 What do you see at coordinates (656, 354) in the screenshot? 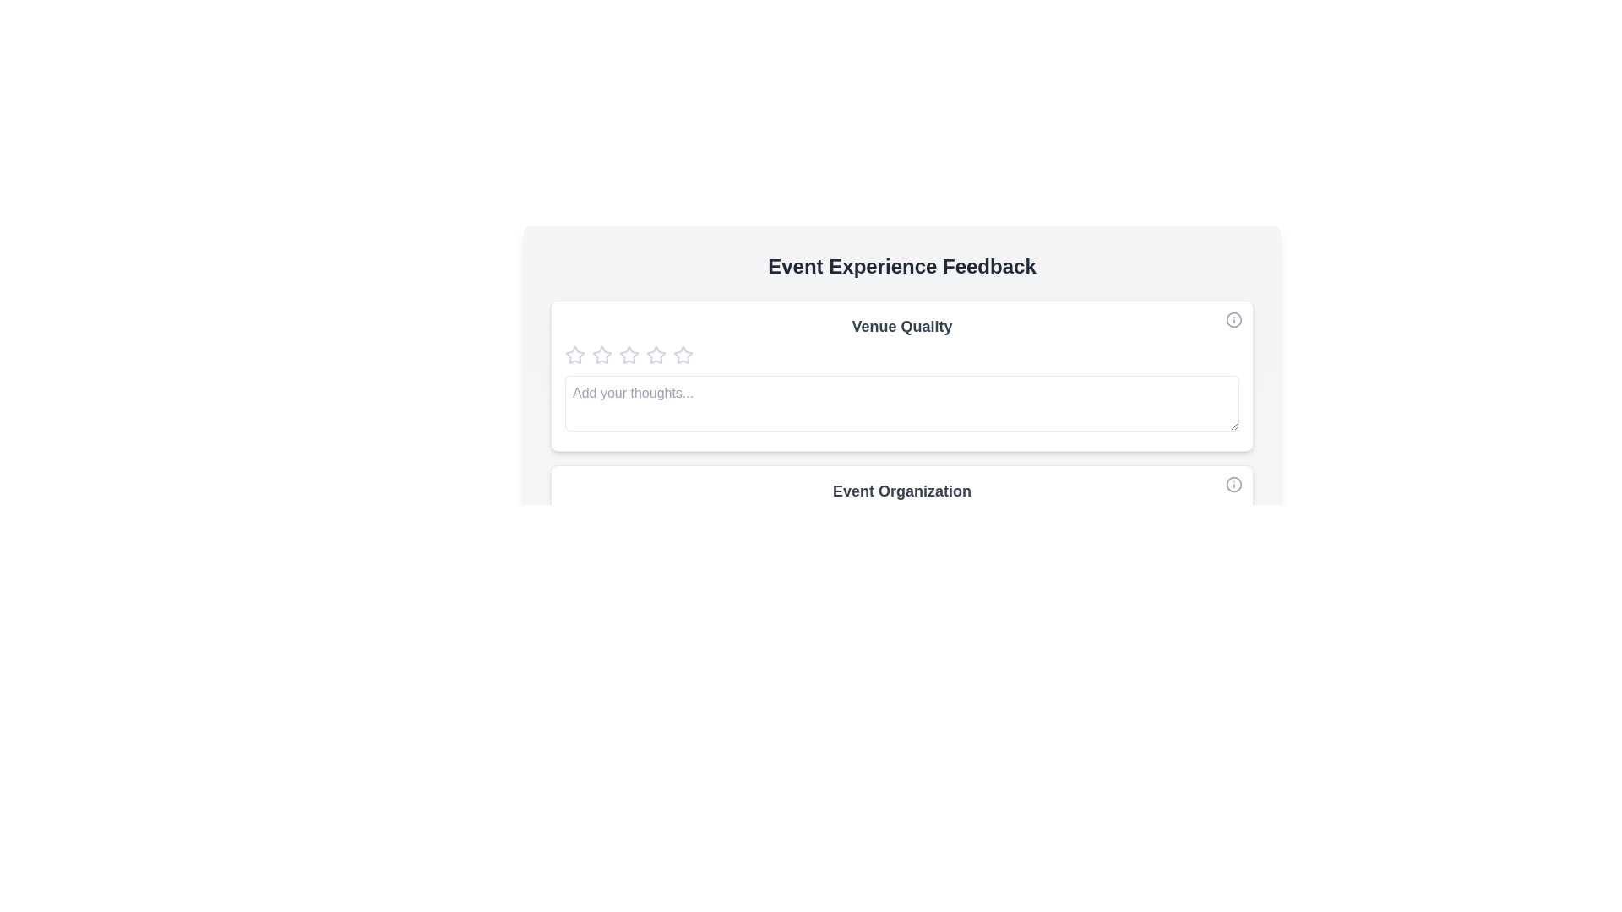
I see `the fourth star icon` at bounding box center [656, 354].